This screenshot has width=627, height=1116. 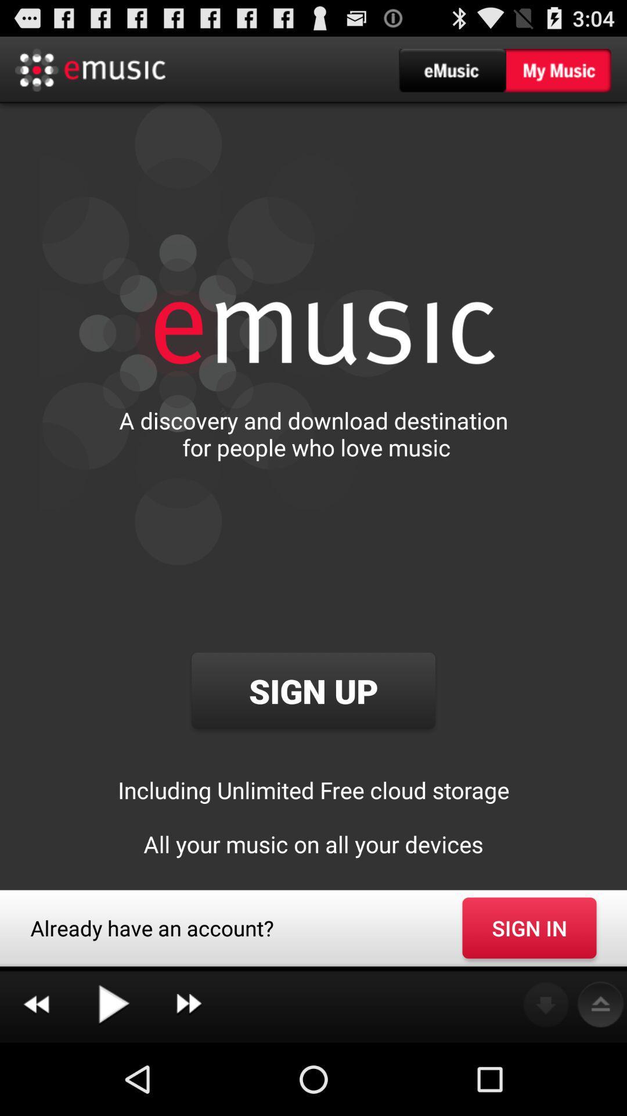 I want to click on the sign up, so click(x=313, y=691).